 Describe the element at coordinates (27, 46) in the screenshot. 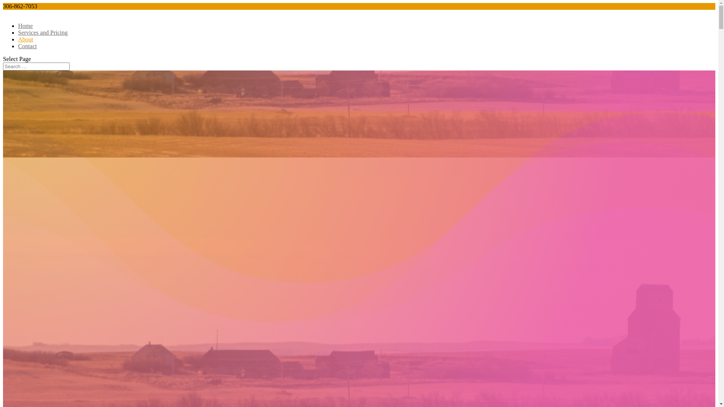

I see `'Contact'` at that location.